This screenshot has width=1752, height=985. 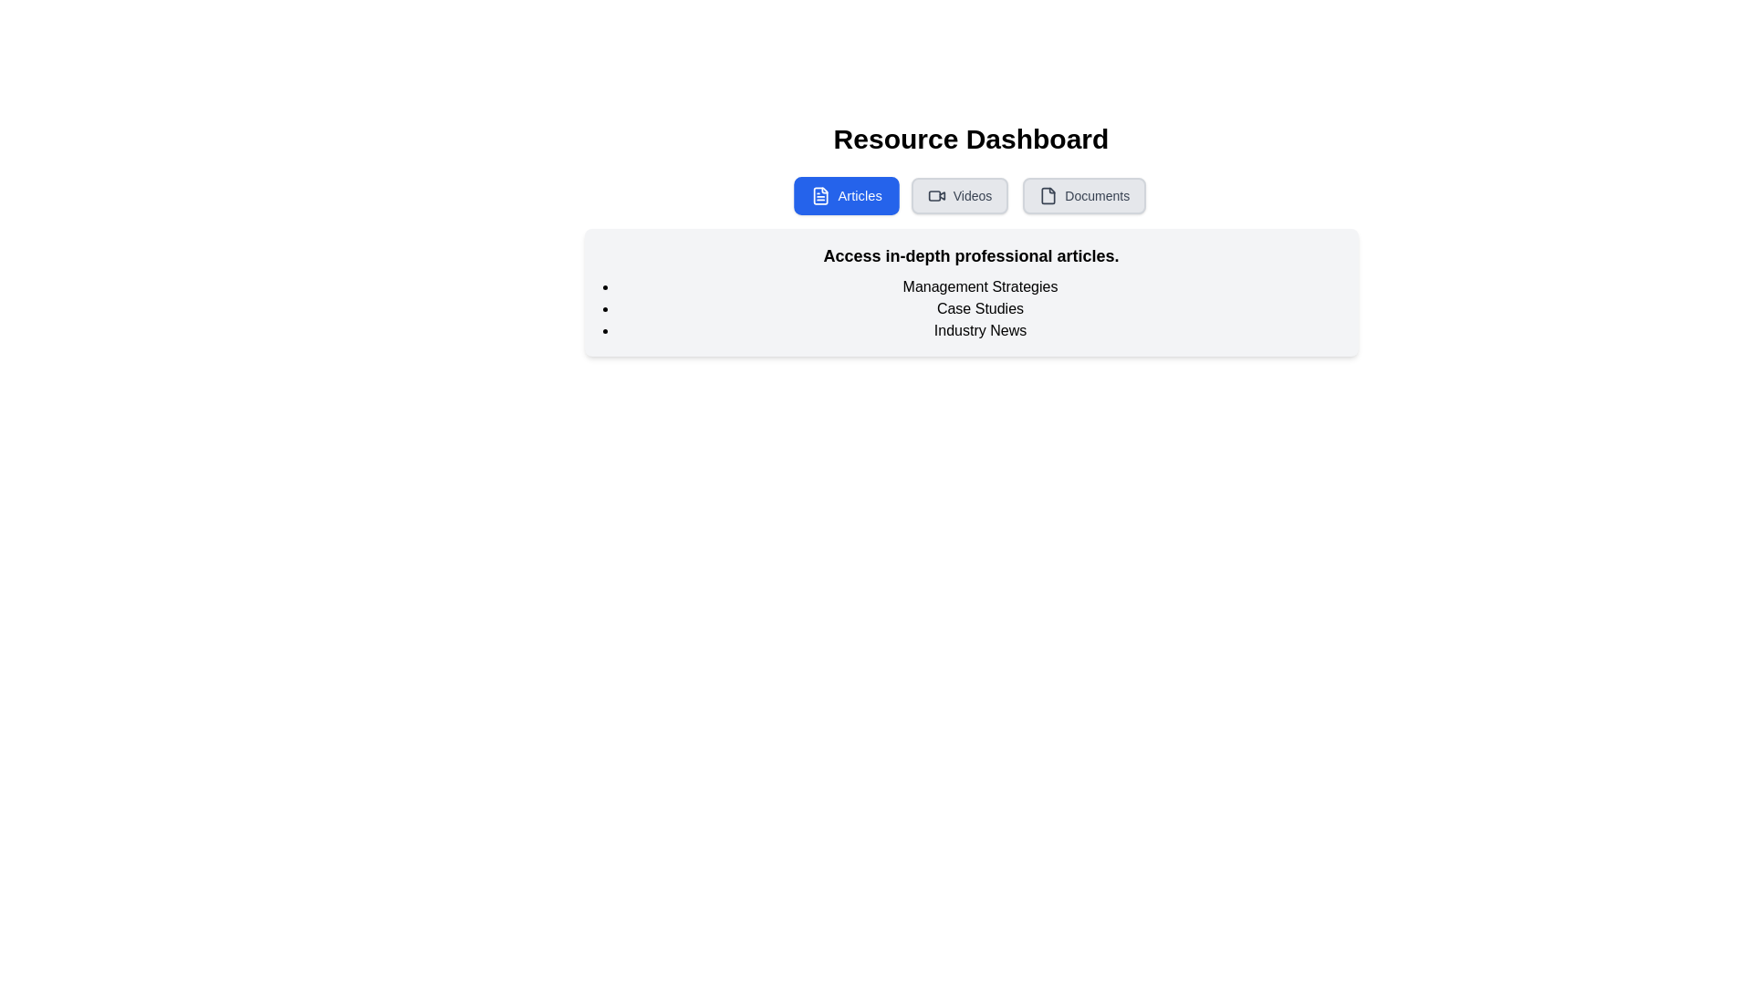 What do you see at coordinates (970, 238) in the screenshot?
I see `the informational card element containing the title 'Access in-depth professional articles.' and its bulleted list of resources, located below the tab selector in the Resource Dashboard` at bounding box center [970, 238].